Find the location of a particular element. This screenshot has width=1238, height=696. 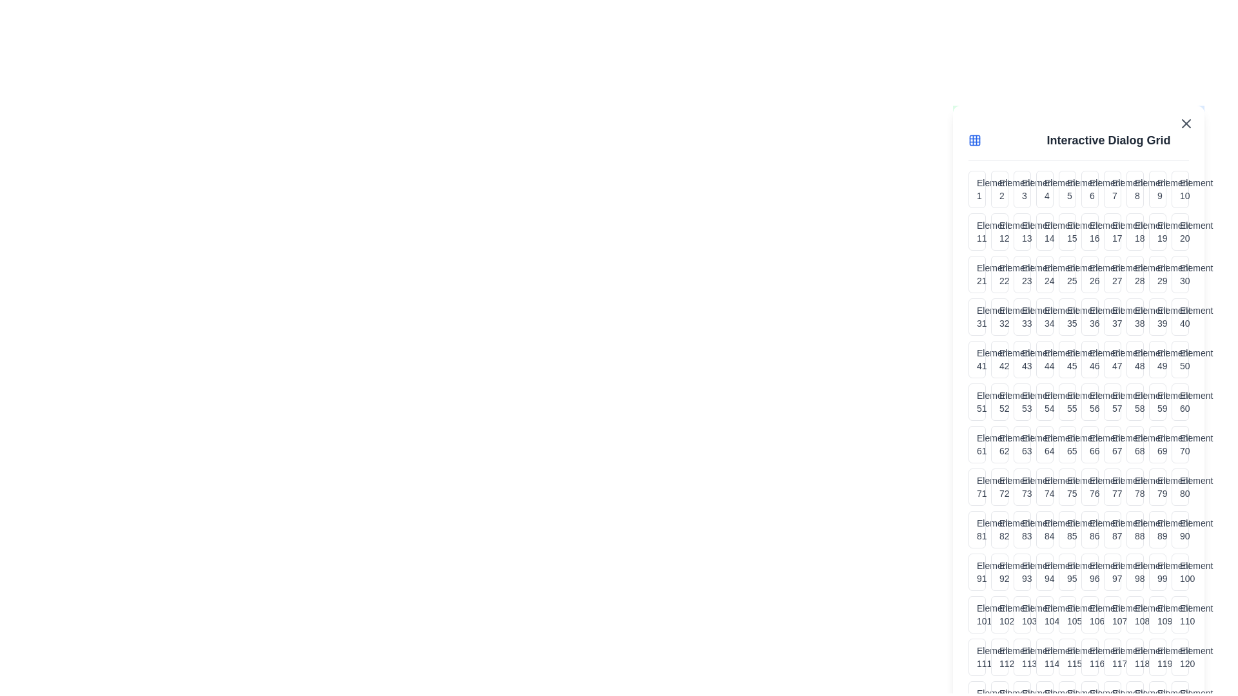

the grid icon in the header is located at coordinates (975, 140).